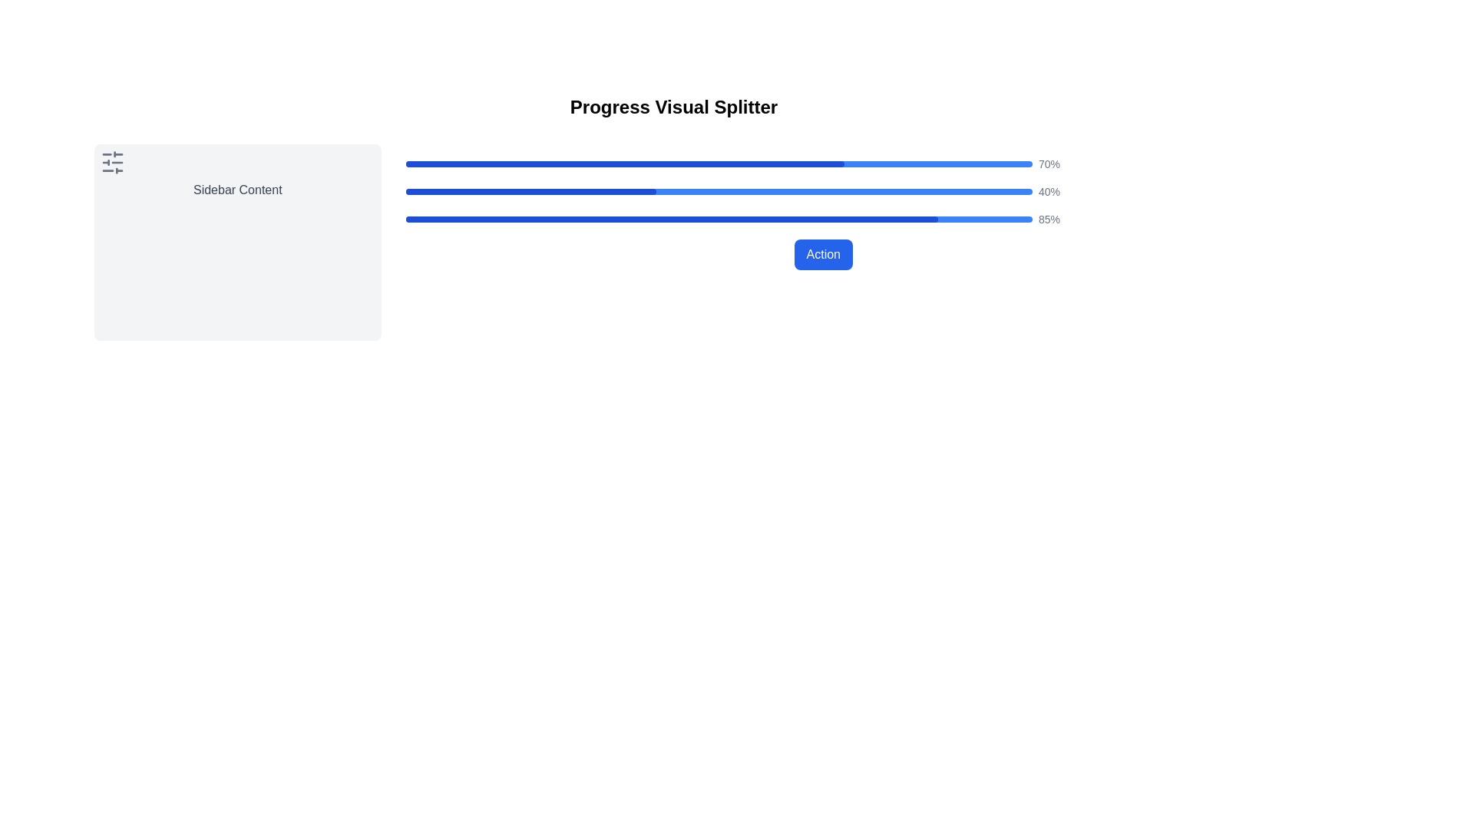 The width and height of the screenshot is (1474, 829). I want to click on the static text label that displays the percentage value of the filled portion of the middle progress bar, located on the right side of the blue area, so click(1048, 191).